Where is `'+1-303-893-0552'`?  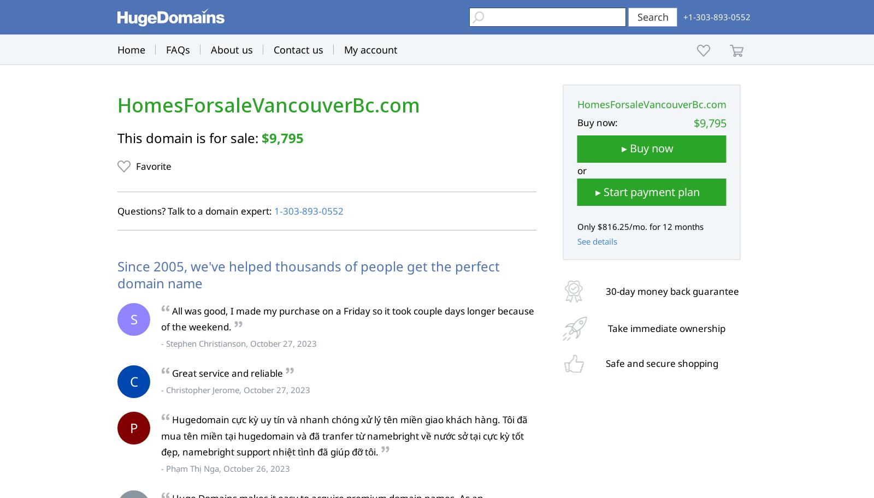 '+1-303-893-0552' is located at coordinates (716, 17).